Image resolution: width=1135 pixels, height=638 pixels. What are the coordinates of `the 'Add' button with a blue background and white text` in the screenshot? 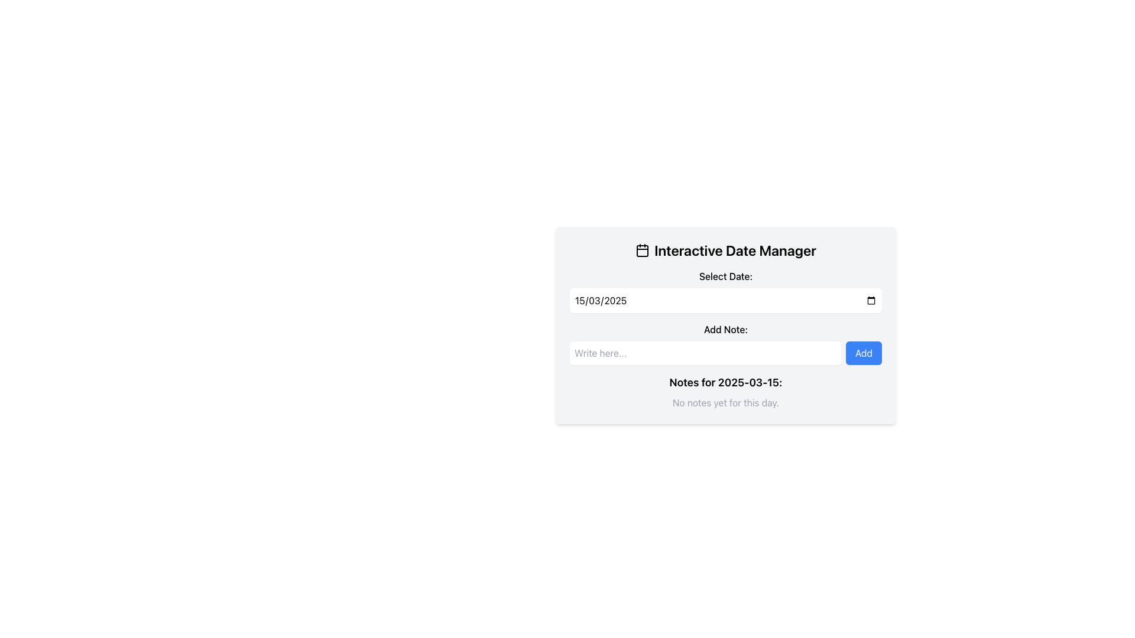 It's located at (864, 352).